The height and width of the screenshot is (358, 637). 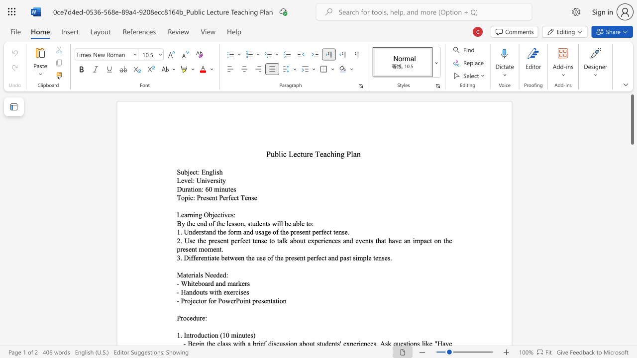 I want to click on the 1th character "c" in the text, so click(x=192, y=197).